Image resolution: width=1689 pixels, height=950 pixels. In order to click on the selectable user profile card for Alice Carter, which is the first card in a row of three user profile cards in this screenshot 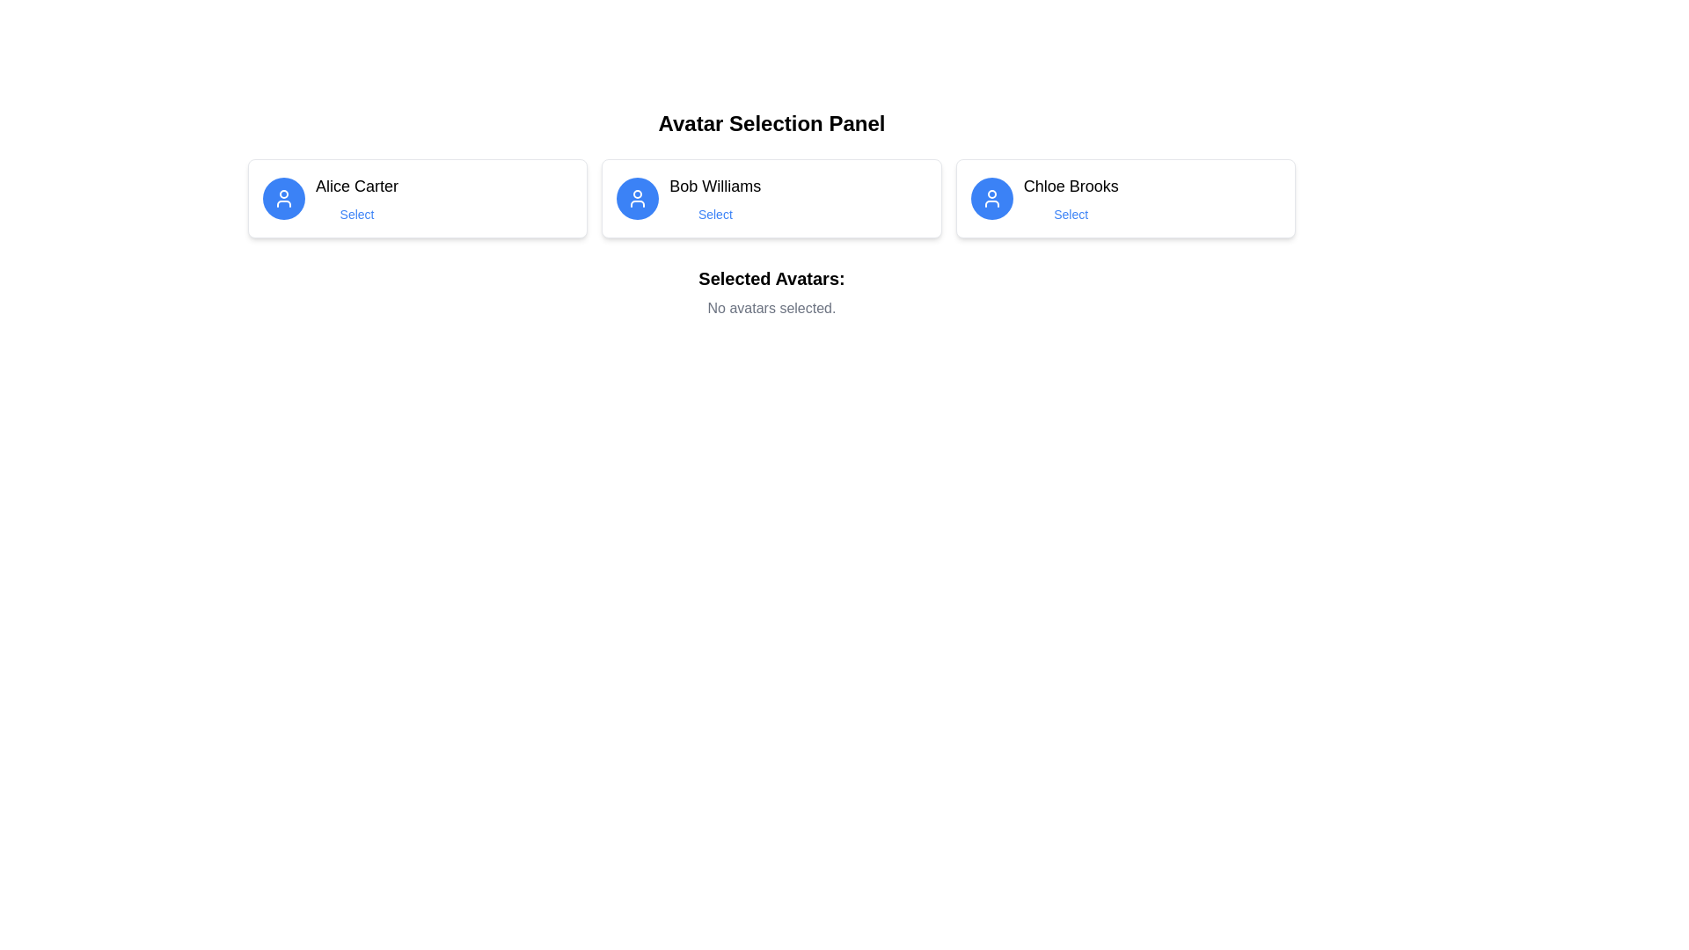, I will do `click(417, 198)`.